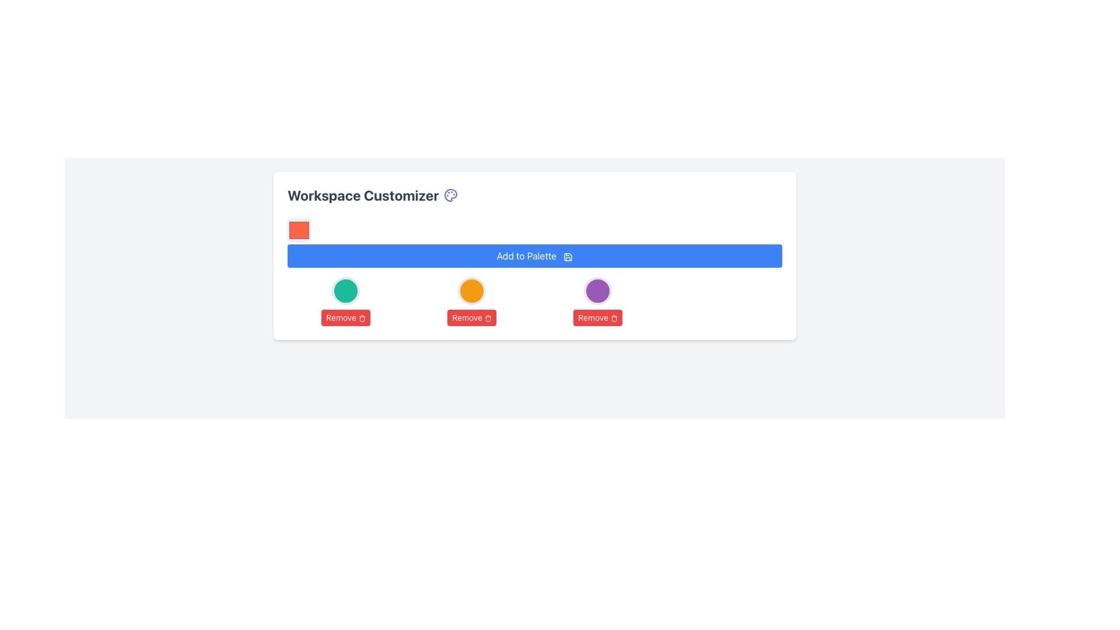 The height and width of the screenshot is (630, 1120). I want to click on the trash icon within the red 'Remove' button, which visually represents the delete action, so click(361, 318).